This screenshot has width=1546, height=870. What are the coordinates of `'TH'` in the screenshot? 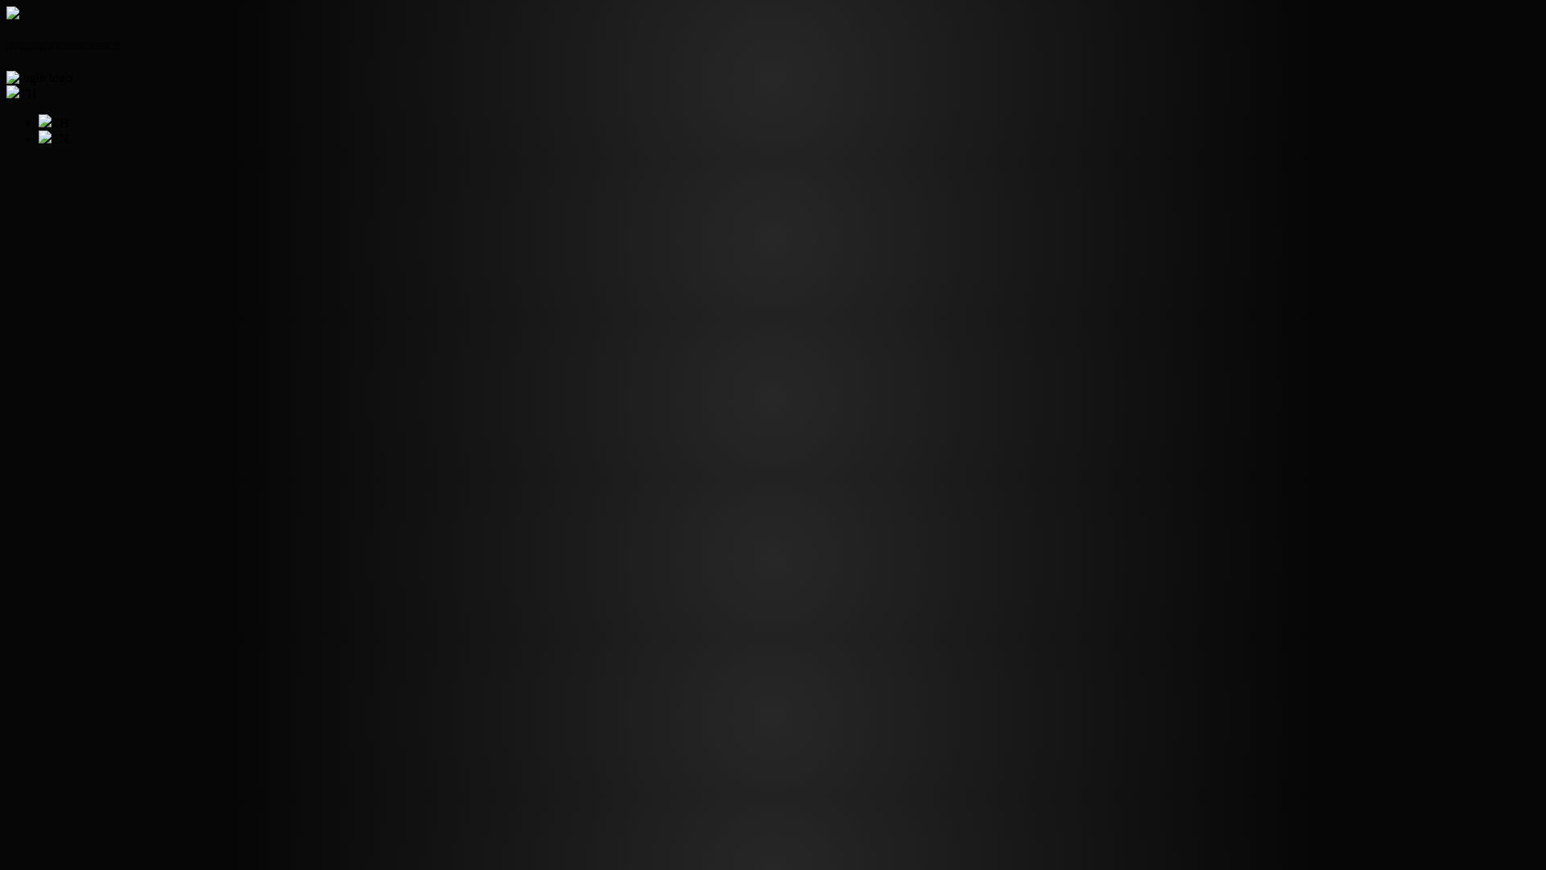 It's located at (21, 93).